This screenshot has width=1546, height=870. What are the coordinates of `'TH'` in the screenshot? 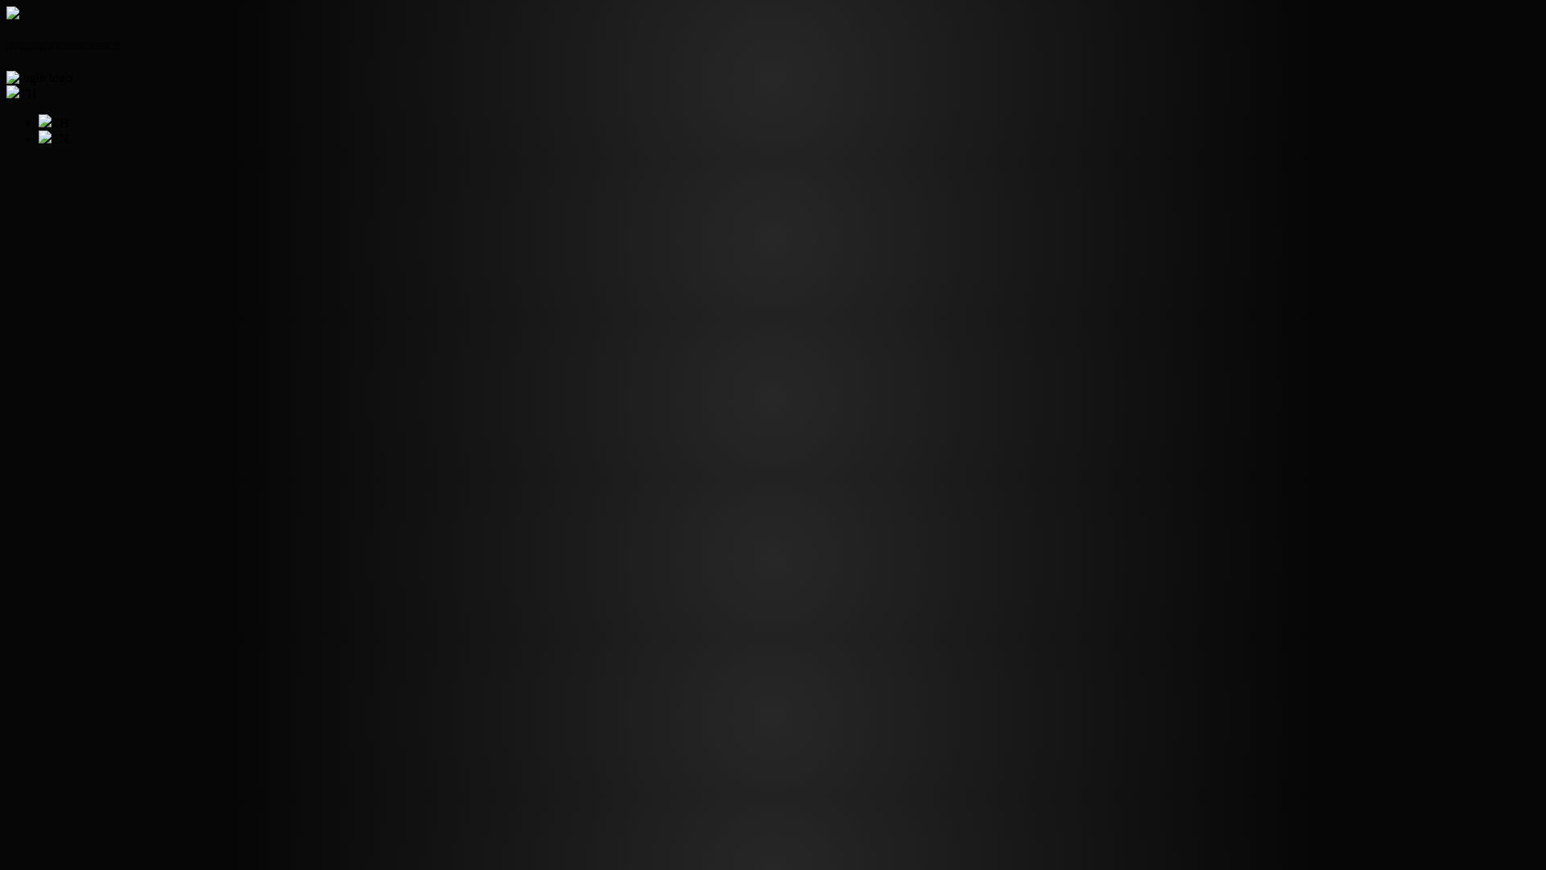 It's located at (21, 93).